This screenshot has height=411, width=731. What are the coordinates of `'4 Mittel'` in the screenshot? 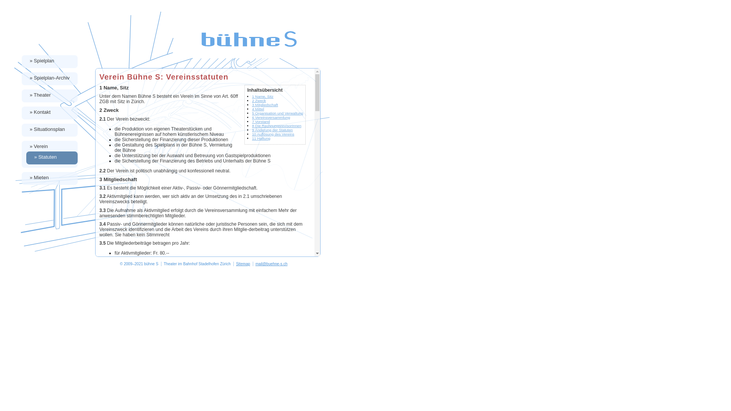 It's located at (258, 109).